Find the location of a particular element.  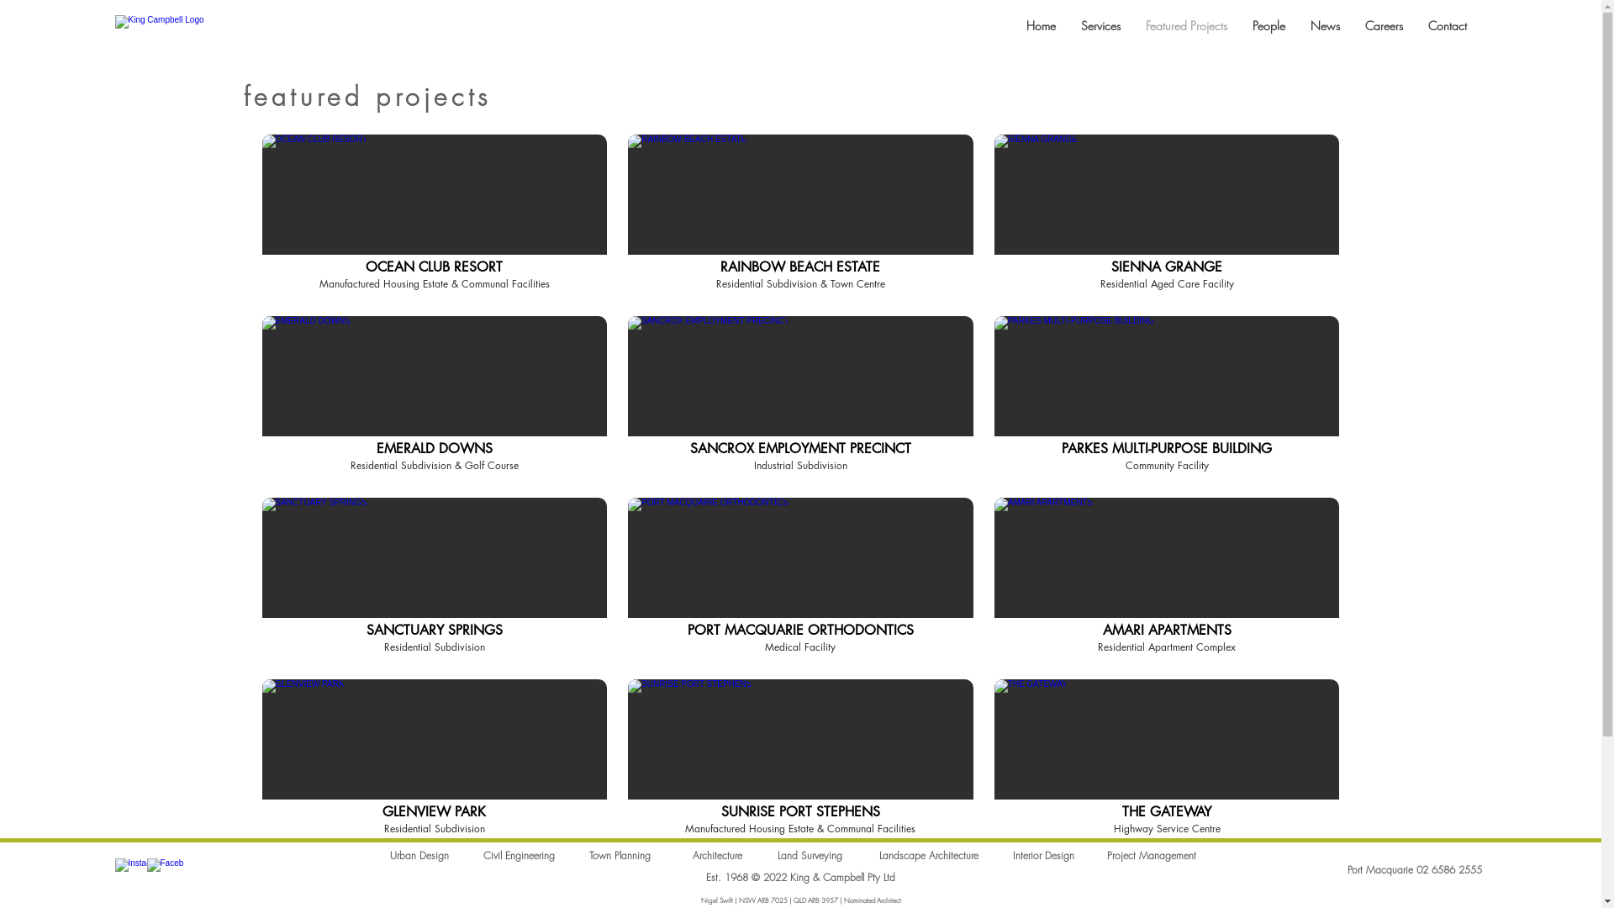

'Careers' is located at coordinates (1383, 25).